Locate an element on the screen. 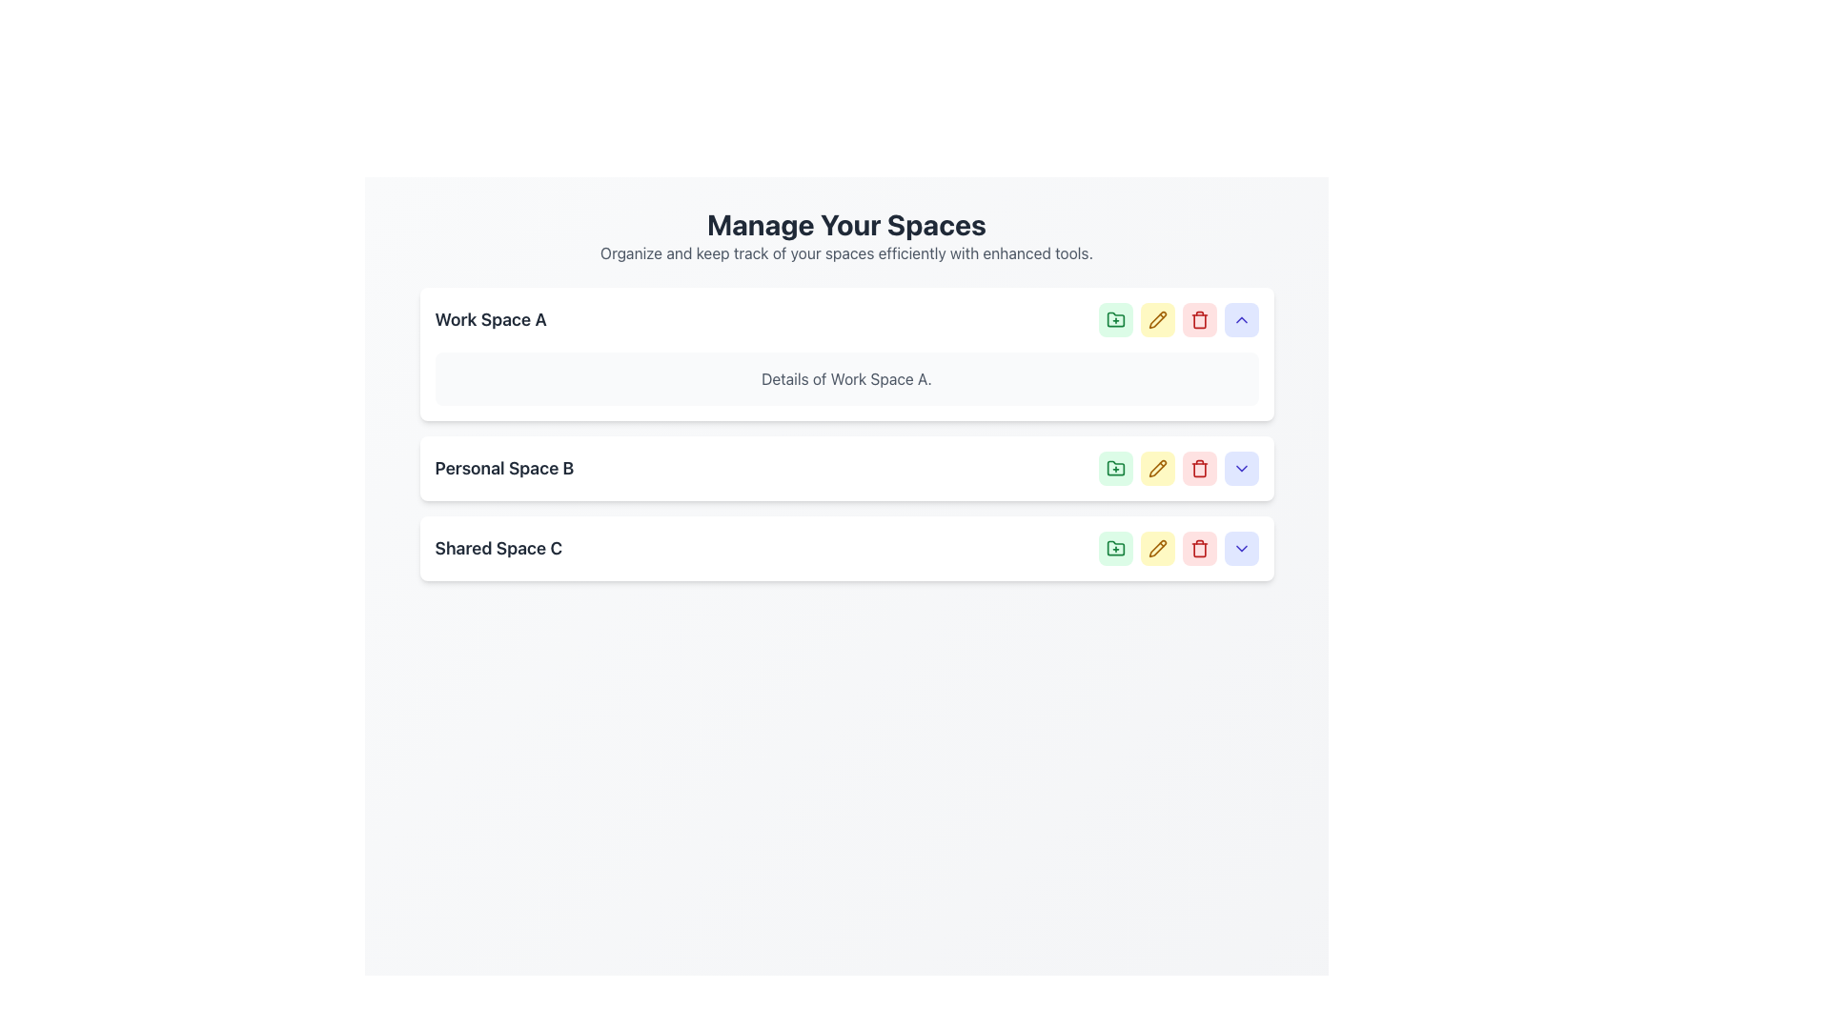  the green-filled icon located in the first row of workspace options is located at coordinates (1115, 318).